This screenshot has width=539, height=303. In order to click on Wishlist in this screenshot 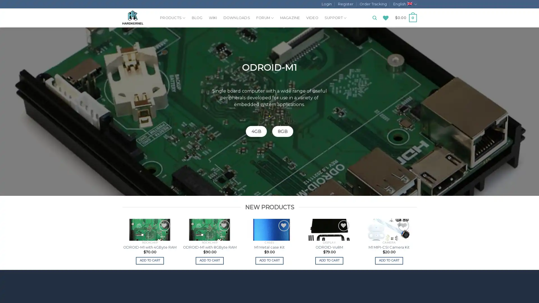, I will do `click(223, 225)`.